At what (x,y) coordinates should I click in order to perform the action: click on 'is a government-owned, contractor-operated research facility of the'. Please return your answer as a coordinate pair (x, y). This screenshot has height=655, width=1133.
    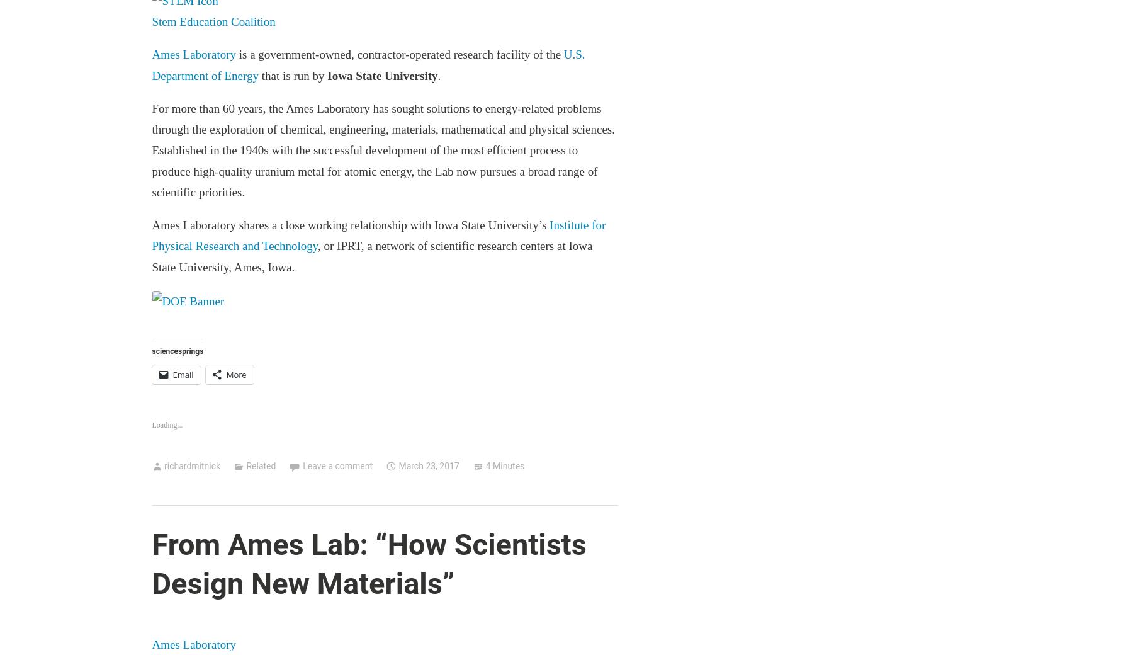
    Looking at the image, I should click on (399, 54).